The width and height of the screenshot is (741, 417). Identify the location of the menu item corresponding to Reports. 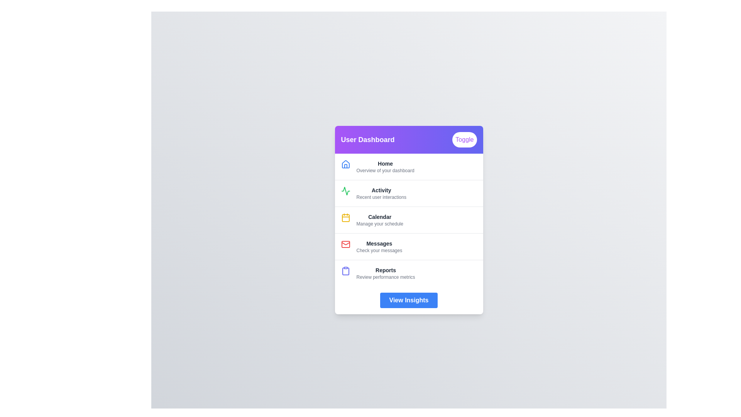
(408, 273).